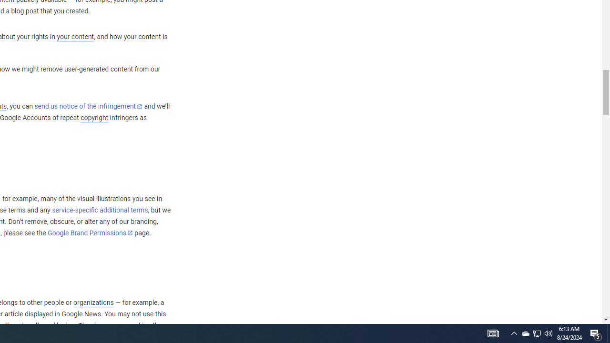  I want to click on 'service-specific additional terms', so click(100, 210).